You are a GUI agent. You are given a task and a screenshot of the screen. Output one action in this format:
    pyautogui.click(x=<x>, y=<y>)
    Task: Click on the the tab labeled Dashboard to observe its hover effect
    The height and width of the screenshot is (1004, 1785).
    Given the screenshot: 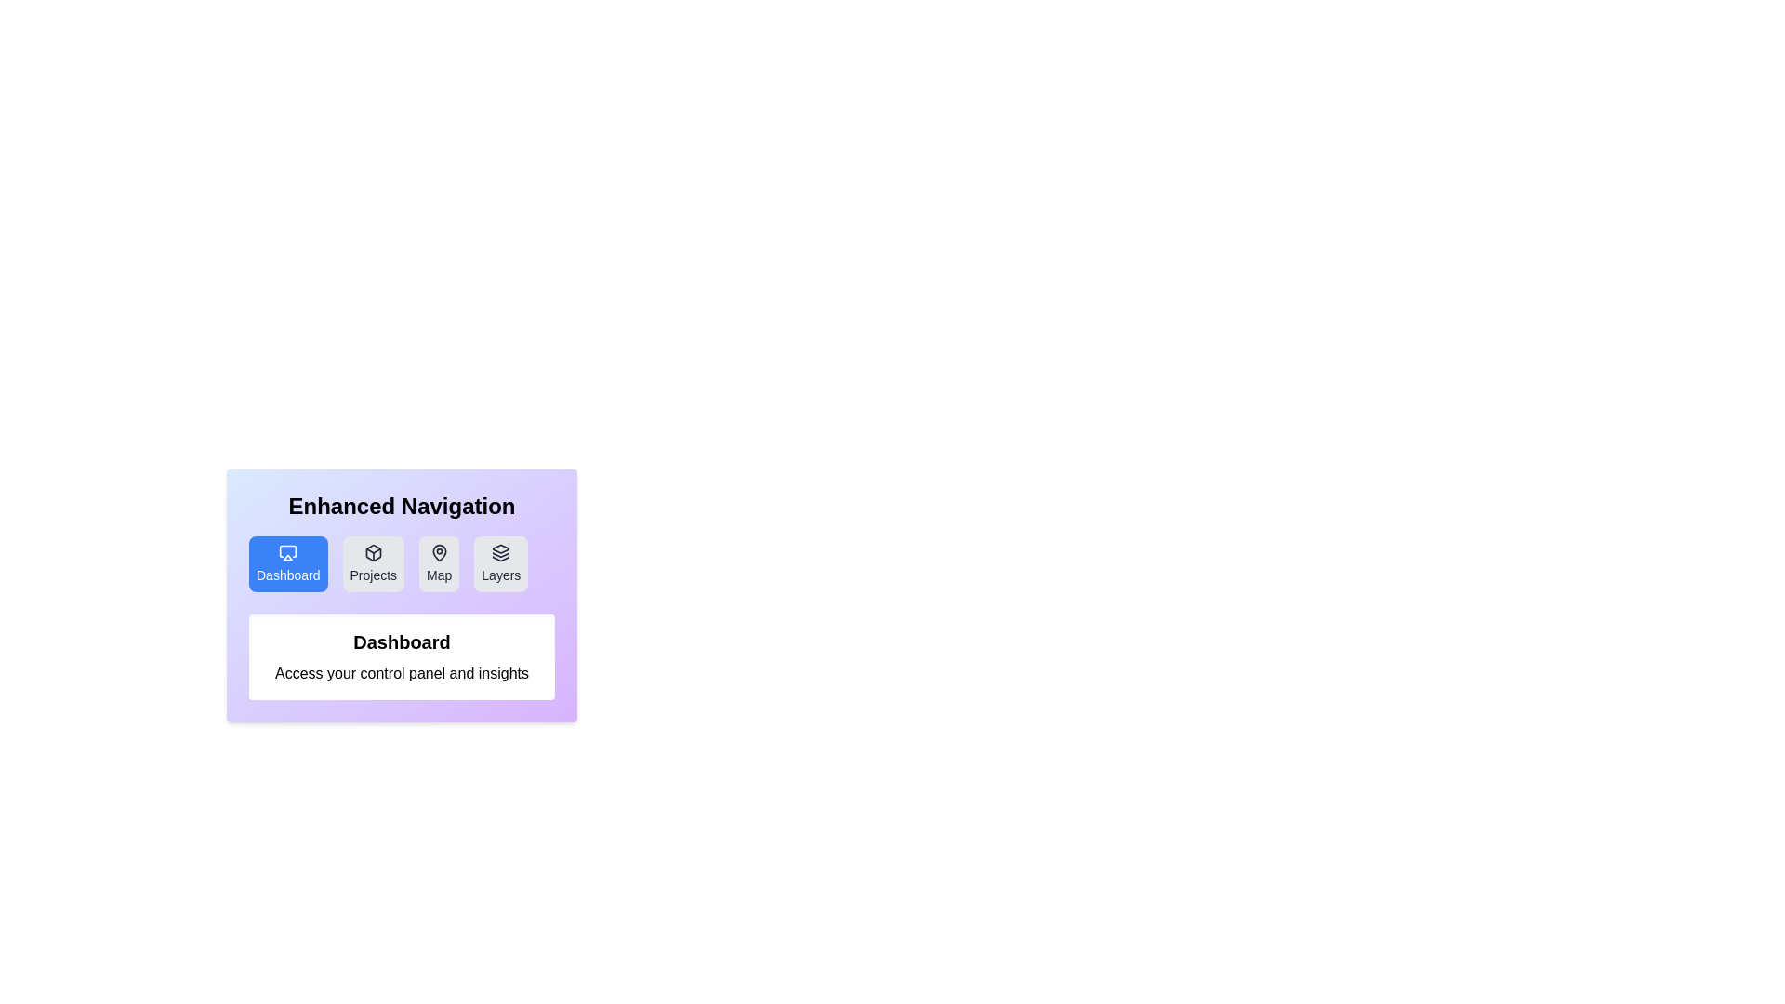 What is the action you would take?
    pyautogui.click(x=287, y=562)
    